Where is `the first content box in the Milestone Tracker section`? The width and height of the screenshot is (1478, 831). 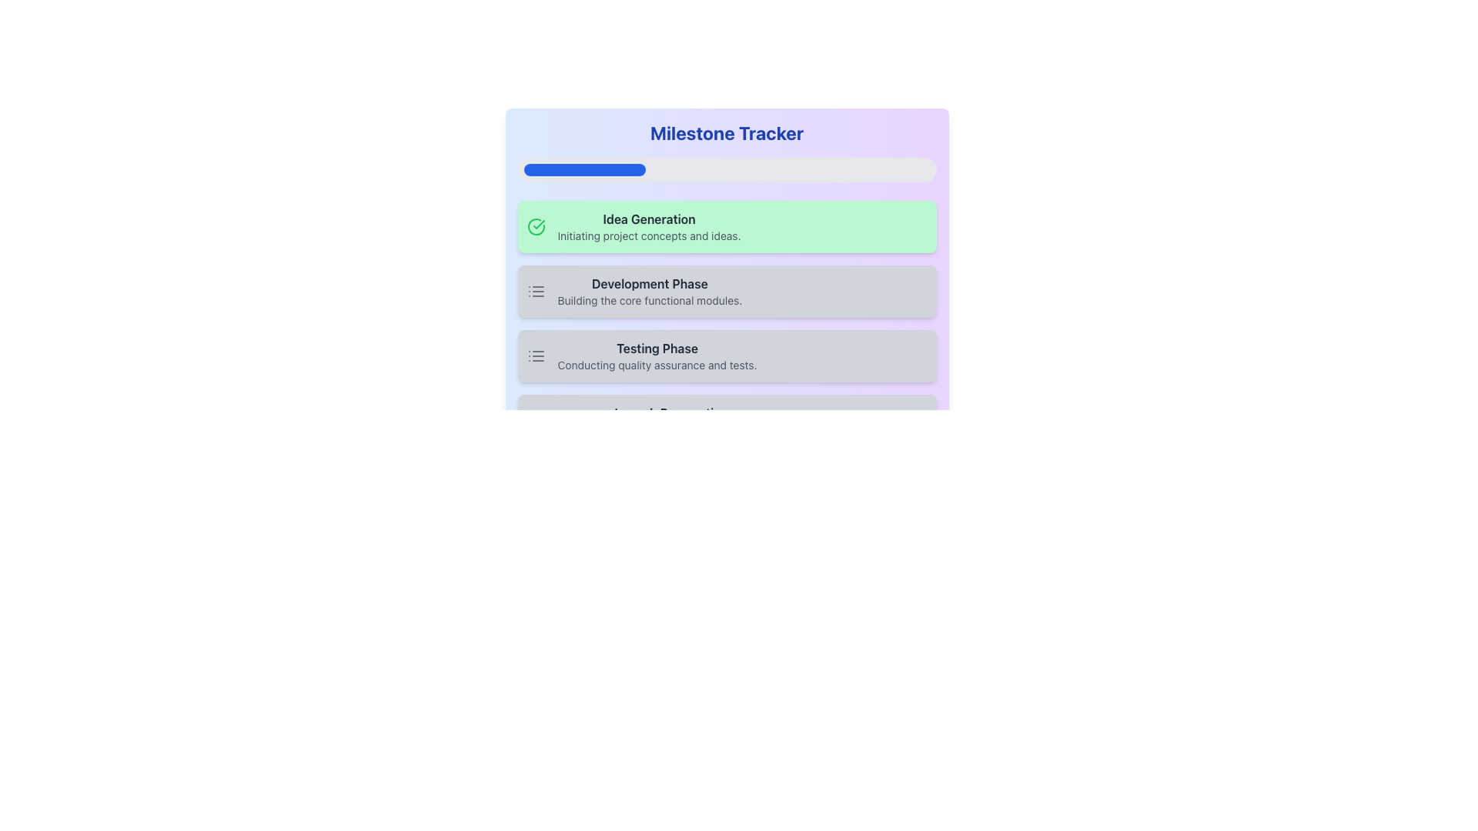
the first content box in the Milestone Tracker section is located at coordinates (649, 226).